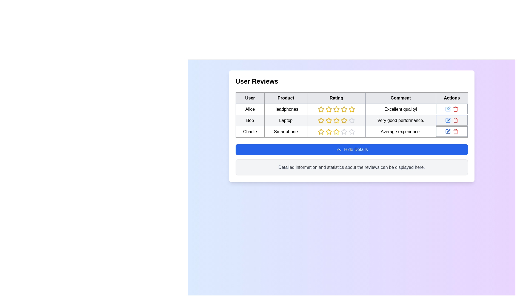  I want to click on the fifth star icon, so click(352, 120).